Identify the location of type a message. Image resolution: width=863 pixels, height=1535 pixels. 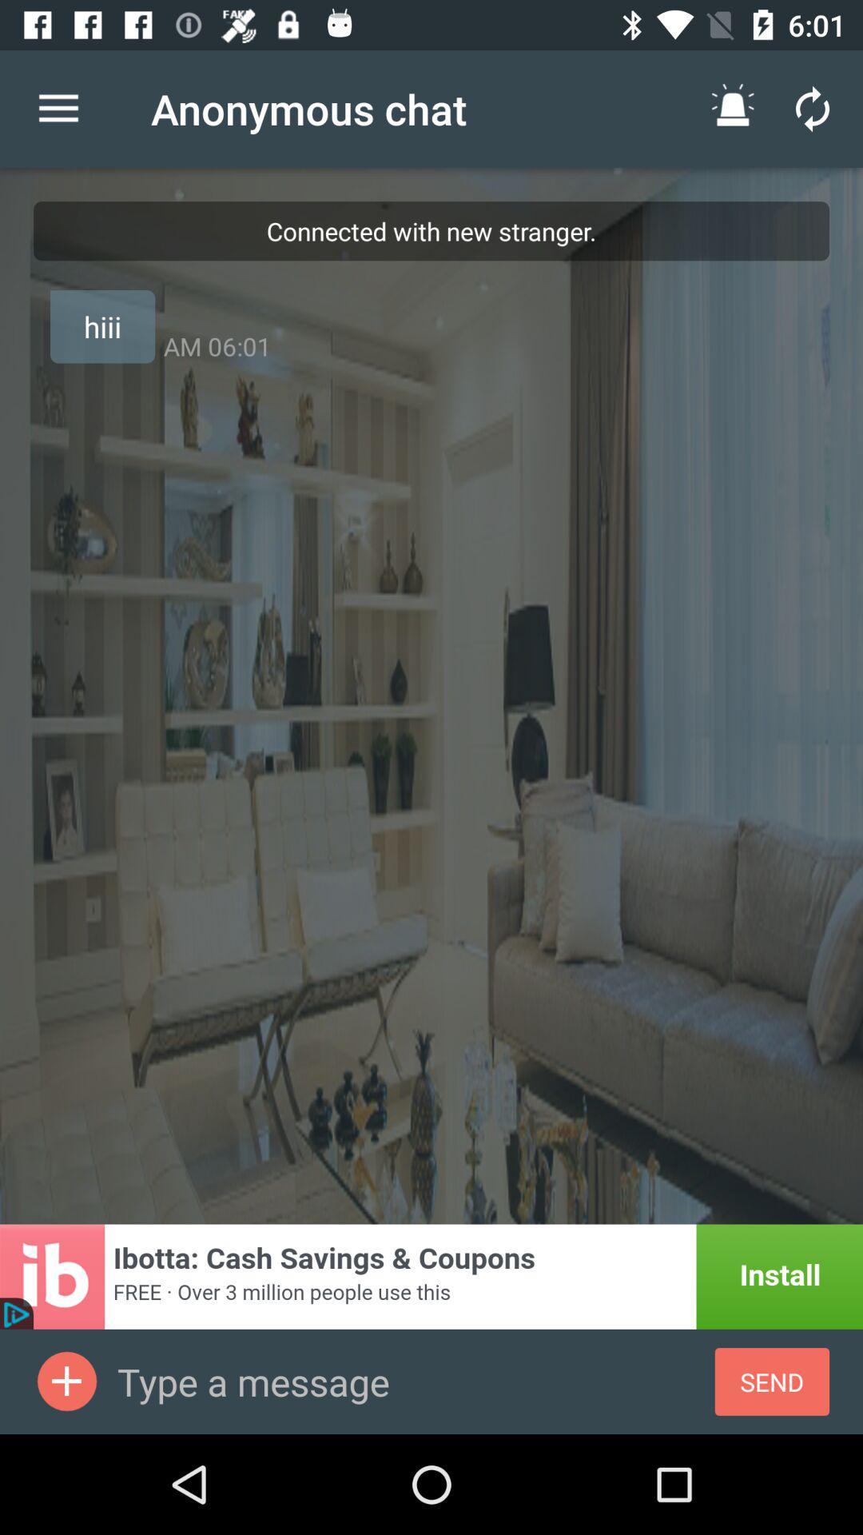
(415, 1381).